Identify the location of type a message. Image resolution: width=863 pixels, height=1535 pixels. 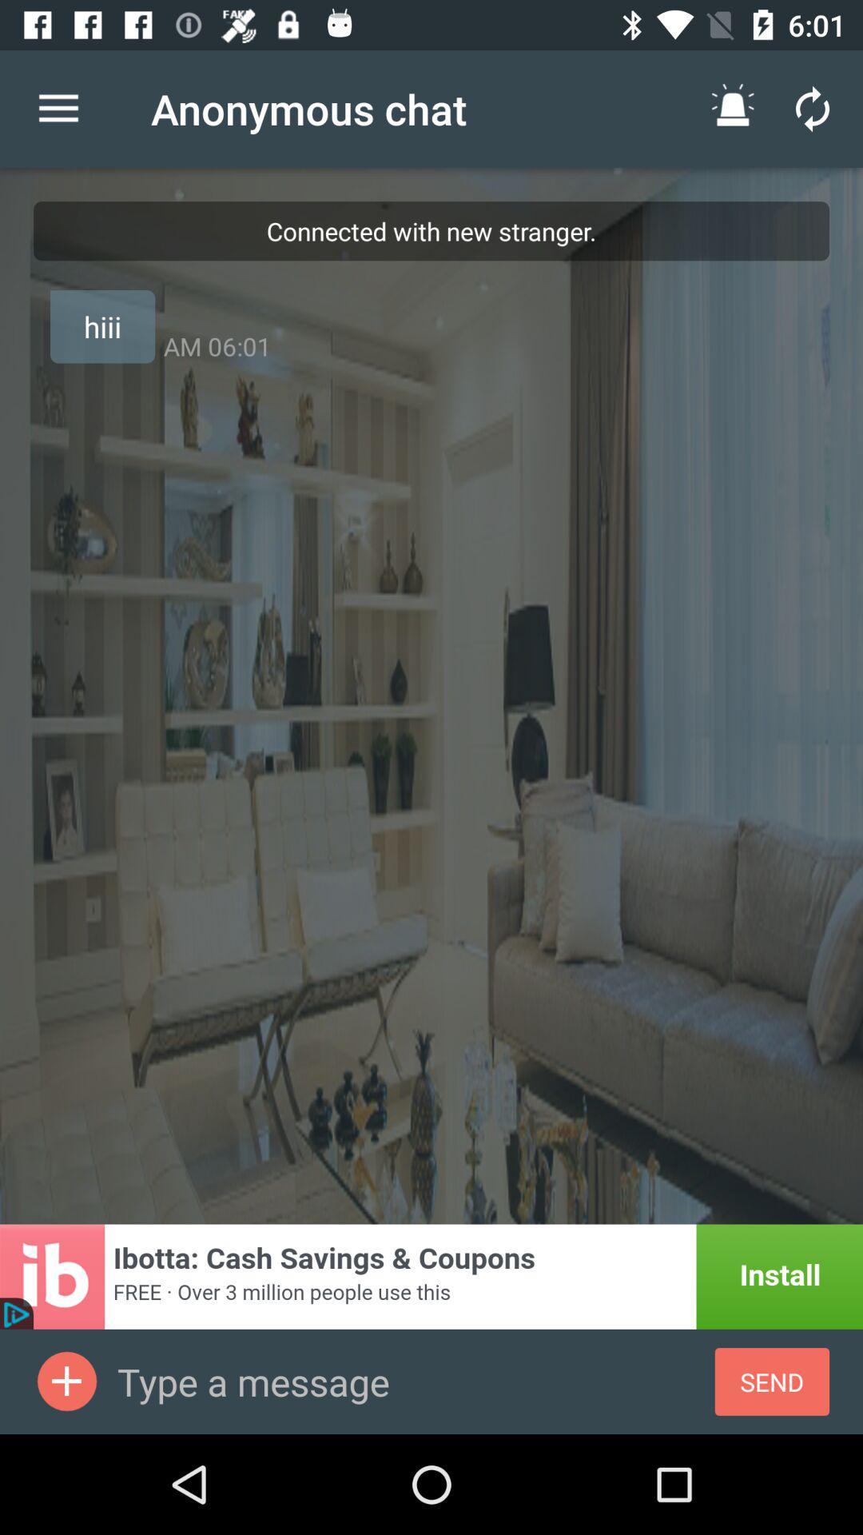
(415, 1381).